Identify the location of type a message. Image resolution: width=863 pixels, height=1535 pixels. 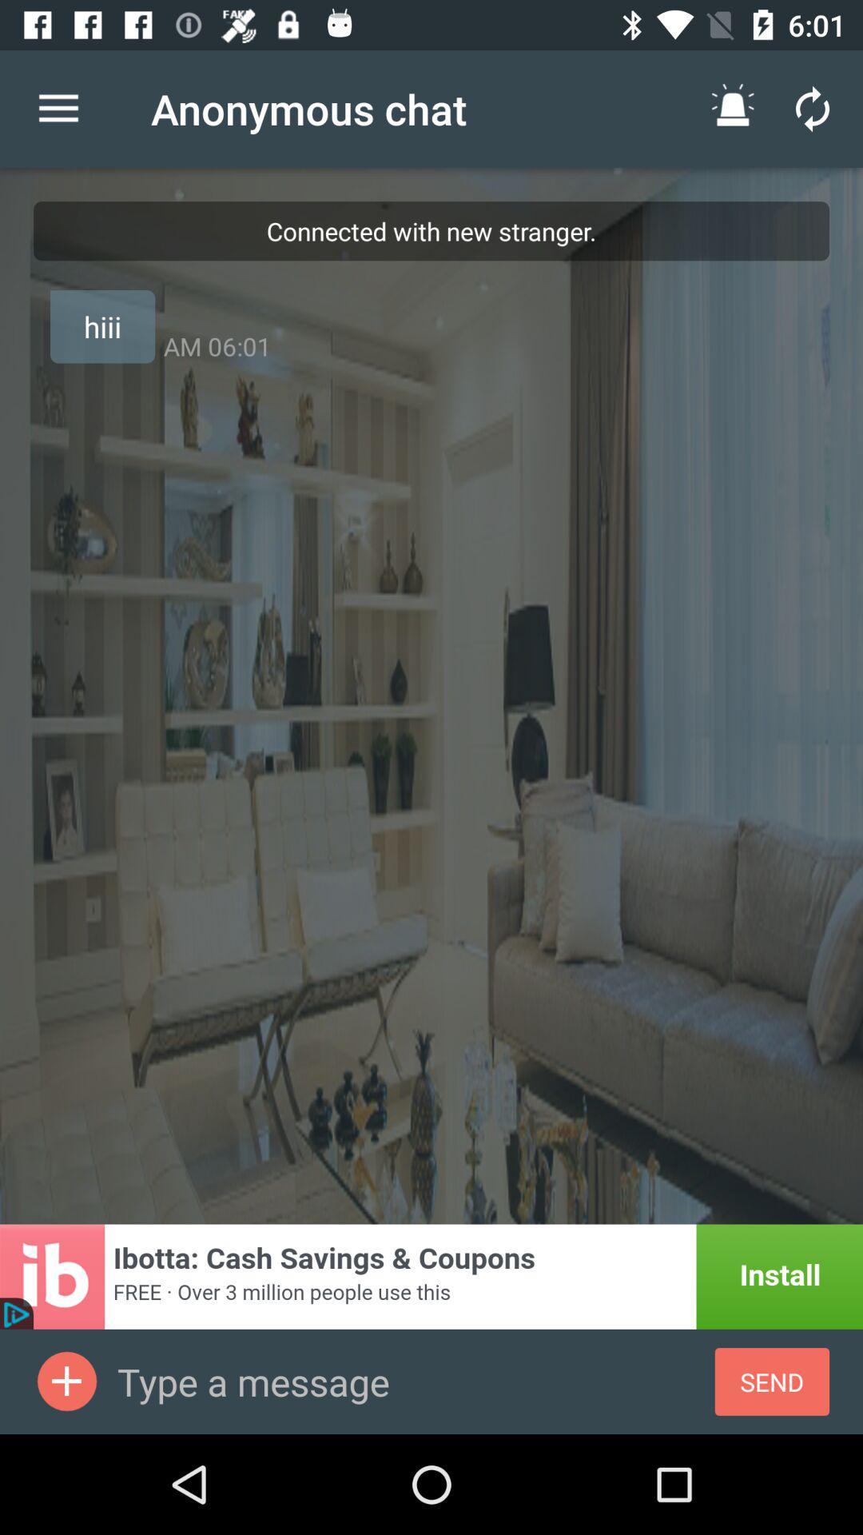
(415, 1381).